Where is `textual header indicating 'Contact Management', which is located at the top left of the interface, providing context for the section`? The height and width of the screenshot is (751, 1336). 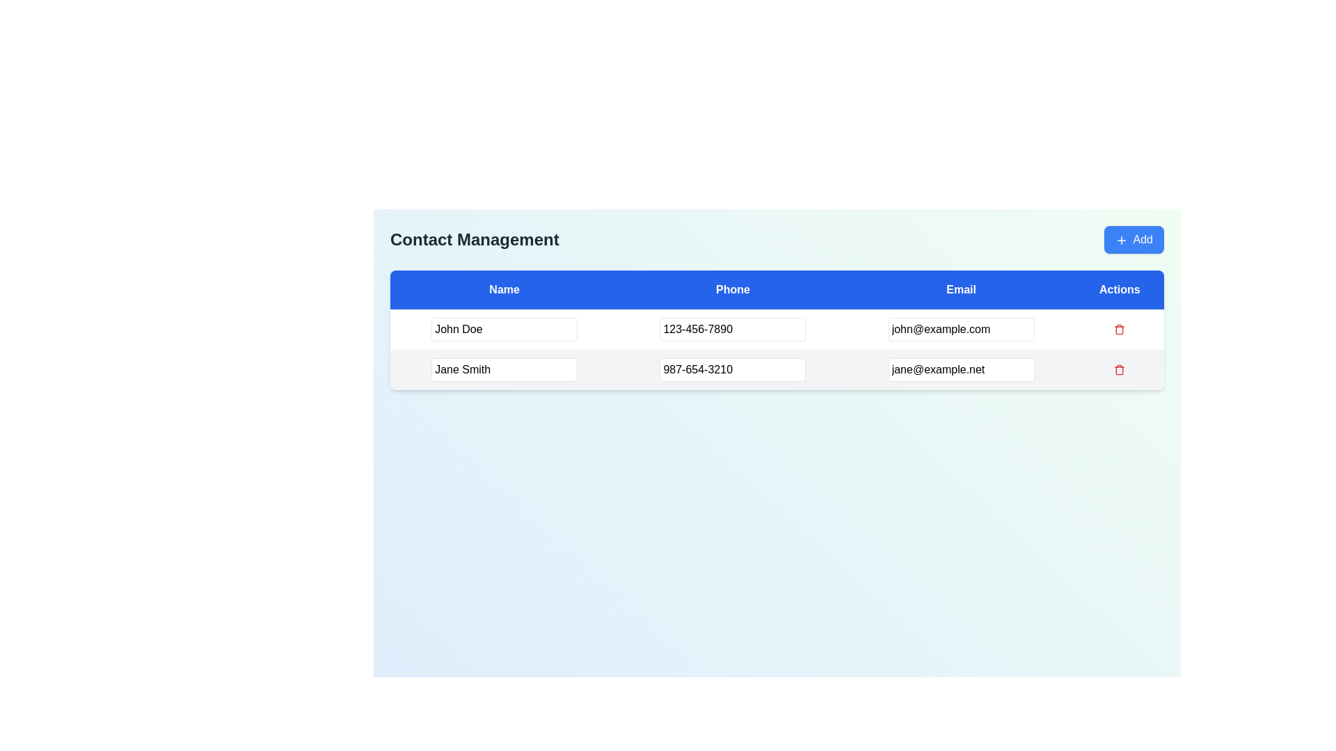 textual header indicating 'Contact Management', which is located at the top left of the interface, providing context for the section is located at coordinates (475, 239).